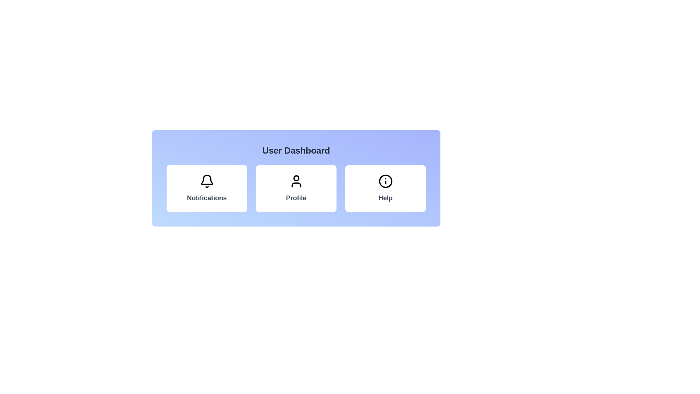  I want to click on the Text Label located in the bottom portion of a card element on the right side of a three-card layout, positioned directly below an icon, so click(385, 198).